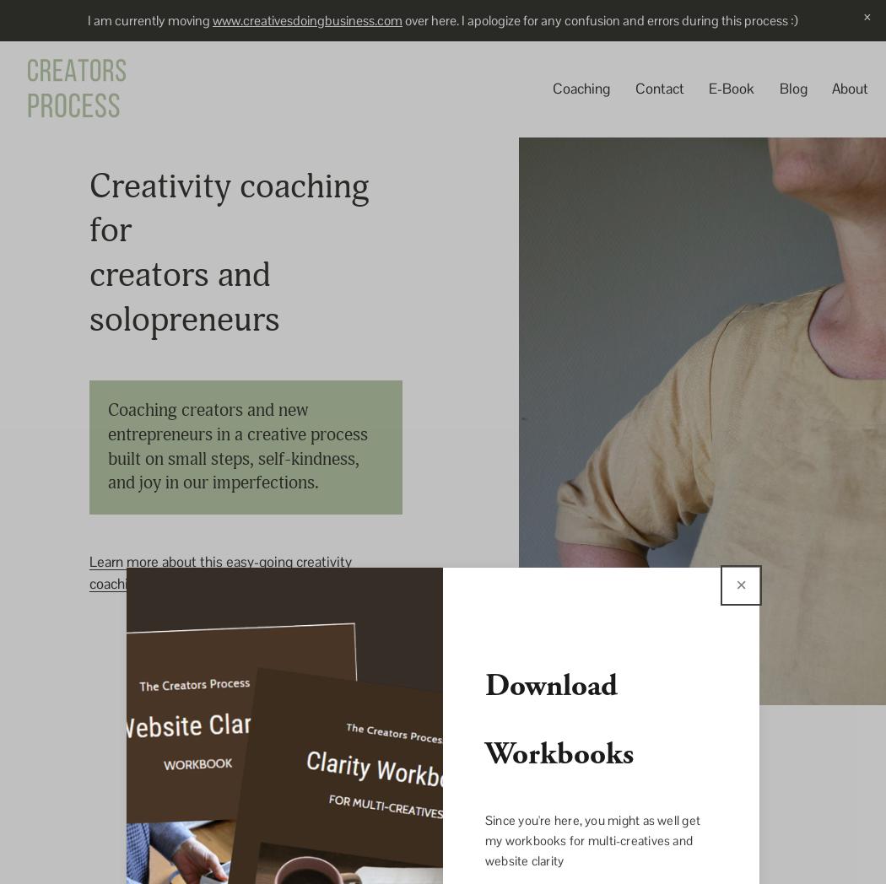 The width and height of the screenshot is (886, 884). What do you see at coordinates (239, 445) in the screenshot?
I see `'Coaching creators and new entrepreneurs in a creative process built on small steps, self-kindness, and joy in our imperfections.'` at bounding box center [239, 445].